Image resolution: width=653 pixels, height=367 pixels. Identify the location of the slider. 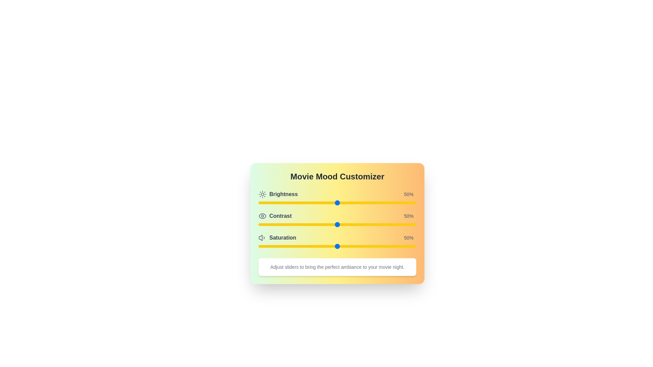
(342, 246).